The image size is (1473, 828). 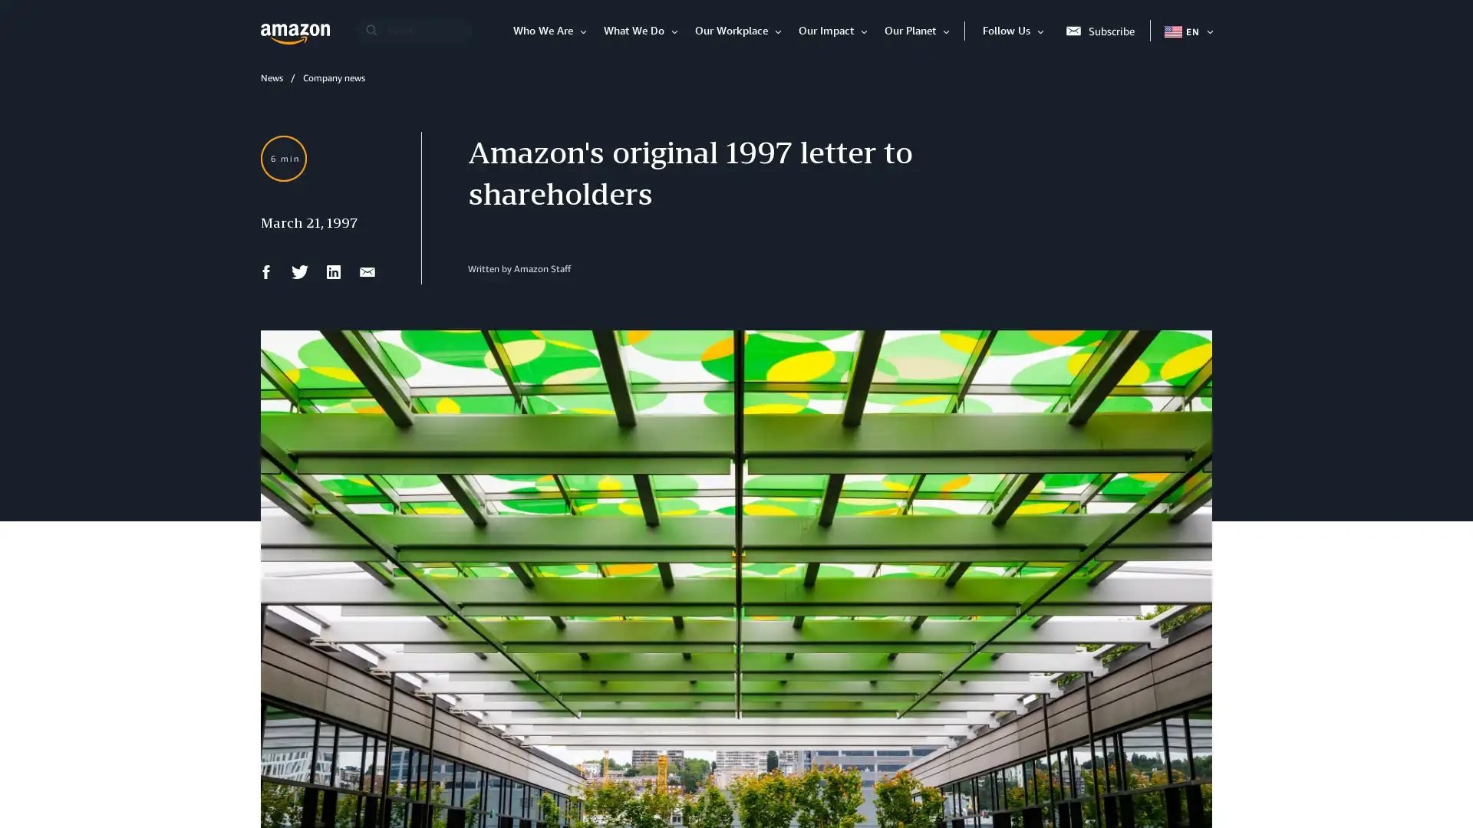 What do you see at coordinates (585, 30) in the screenshot?
I see `Open Item` at bounding box center [585, 30].